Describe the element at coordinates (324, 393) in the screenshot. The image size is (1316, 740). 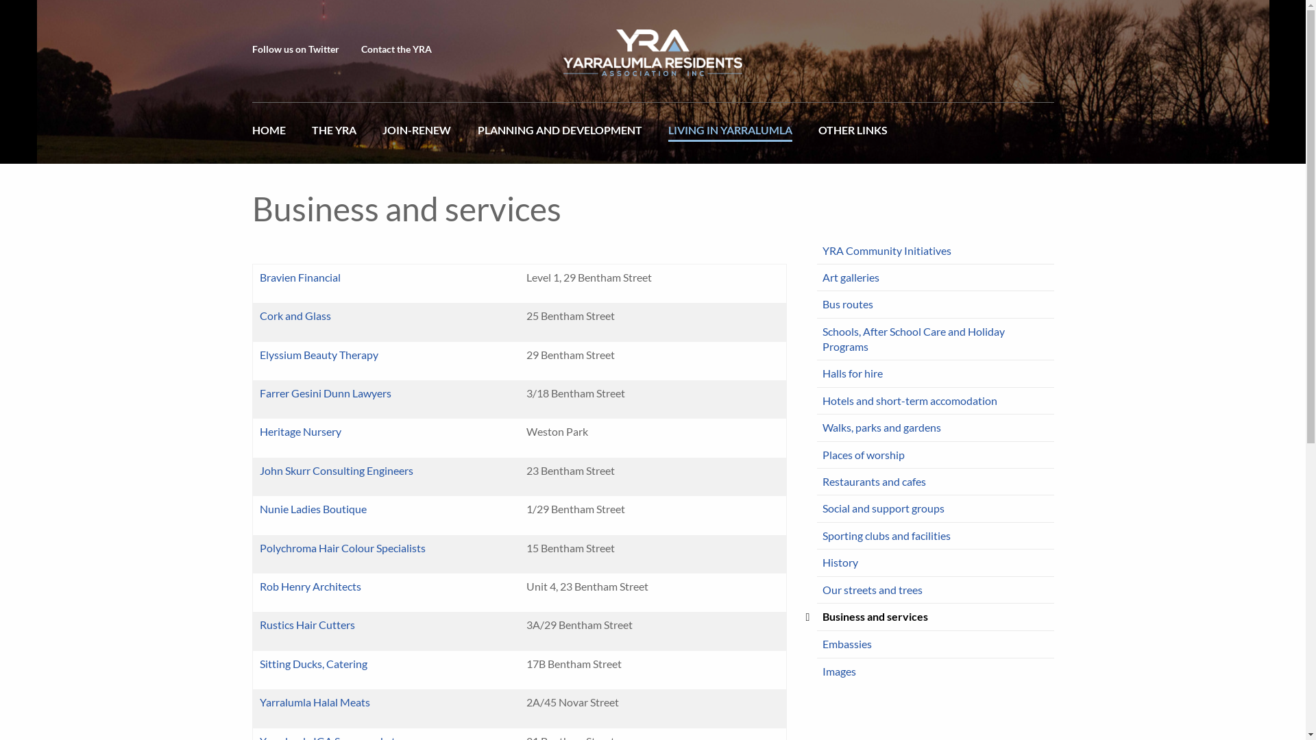
I see `'Farrer Gesini Dunn Lawyers'` at that location.